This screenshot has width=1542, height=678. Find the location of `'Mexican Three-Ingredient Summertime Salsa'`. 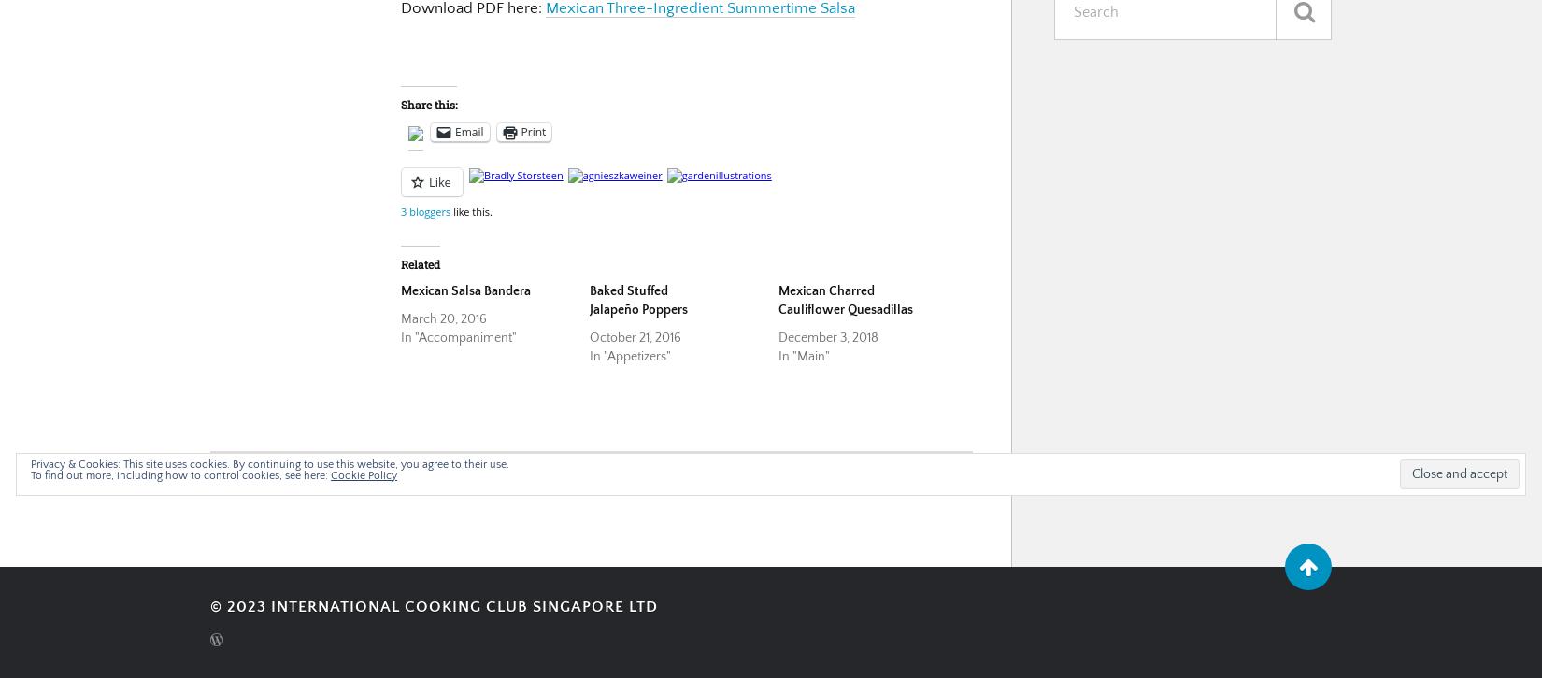

'Mexican Three-Ingredient Summertime Salsa' is located at coordinates (544, 8).